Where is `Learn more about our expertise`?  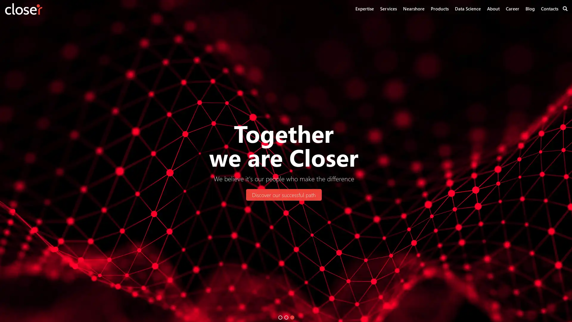
Learn more about our expertise is located at coordinates (399, 195).